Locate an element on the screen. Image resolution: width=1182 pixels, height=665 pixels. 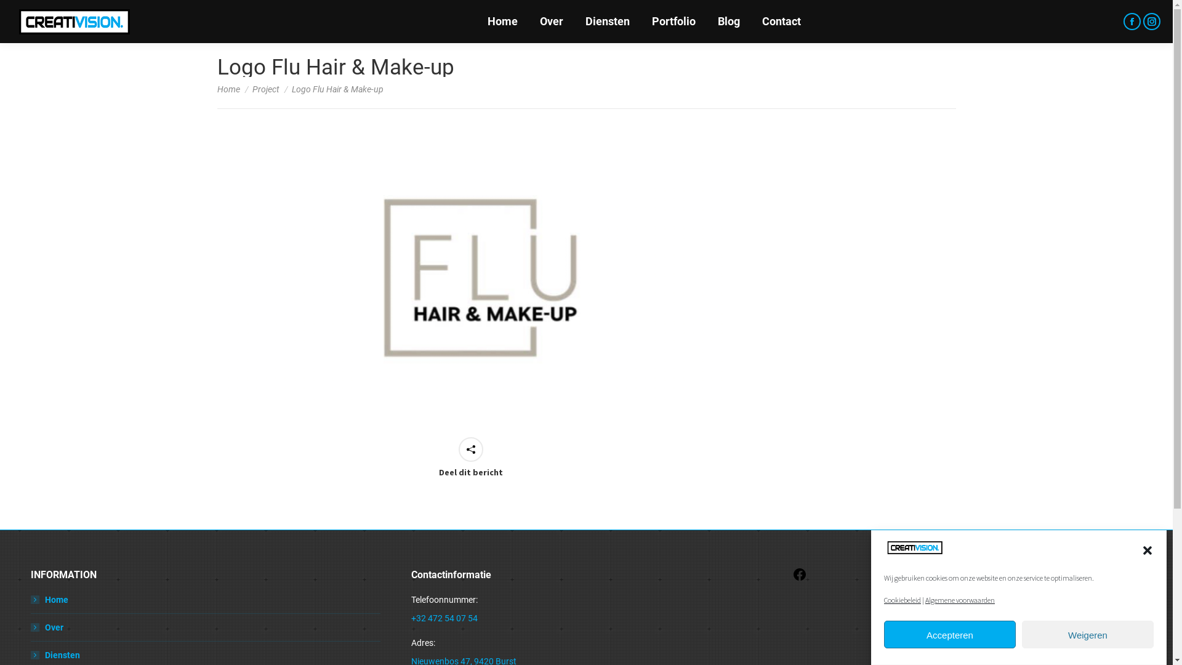
'Facebook page opens in new window' is located at coordinates (1132, 21).